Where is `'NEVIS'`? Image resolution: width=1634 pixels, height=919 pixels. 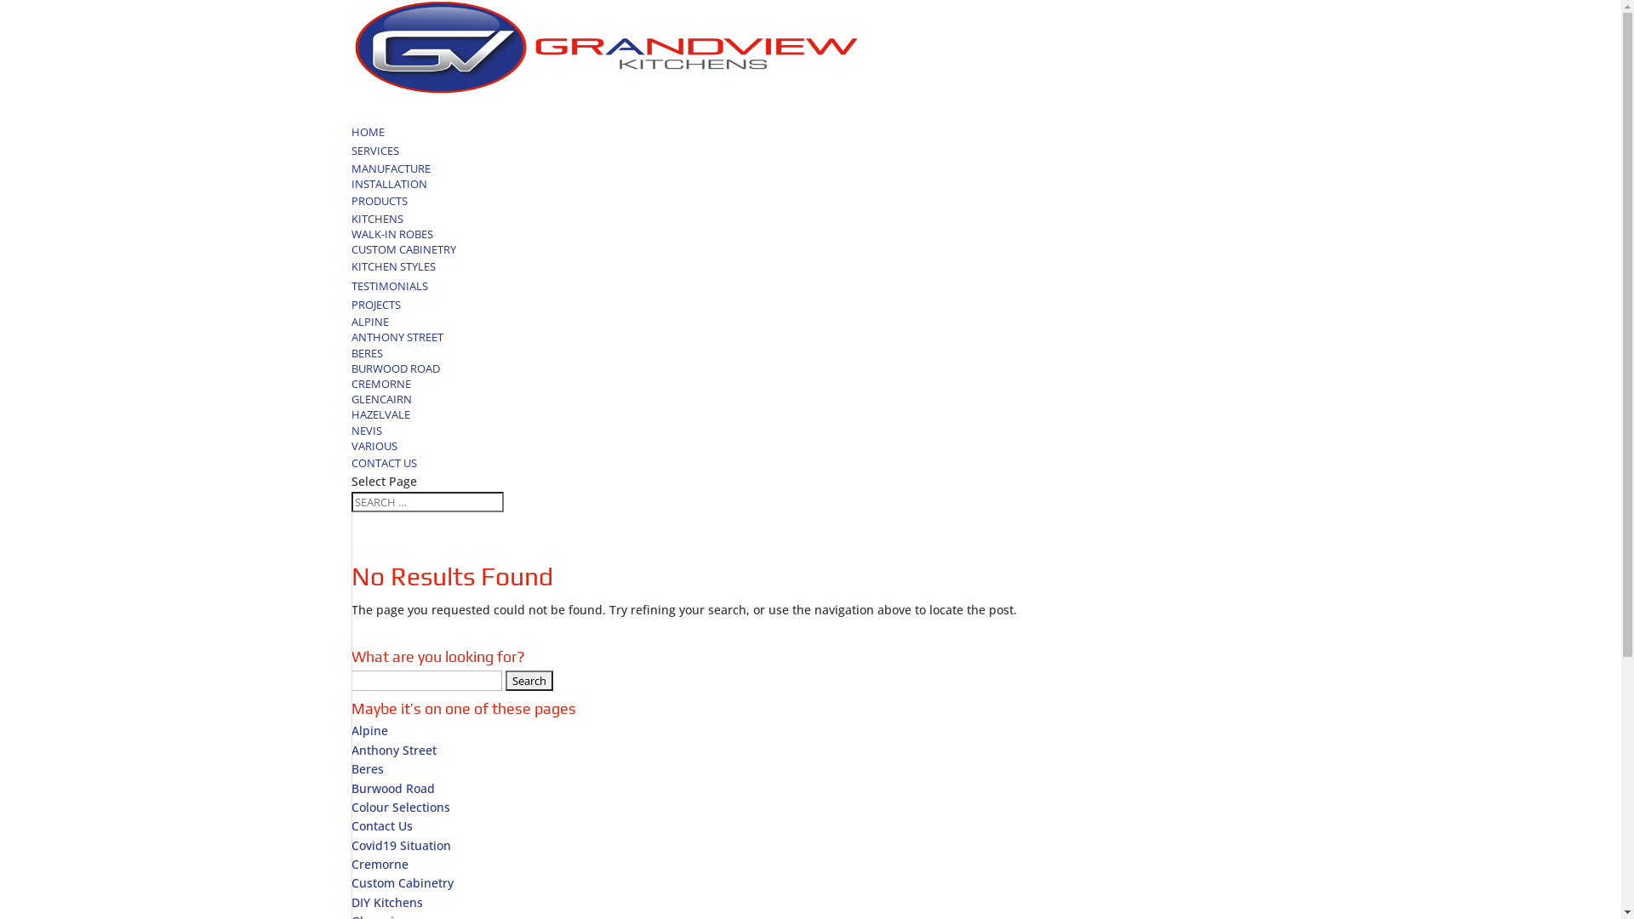 'NEVIS' is located at coordinates (365, 429).